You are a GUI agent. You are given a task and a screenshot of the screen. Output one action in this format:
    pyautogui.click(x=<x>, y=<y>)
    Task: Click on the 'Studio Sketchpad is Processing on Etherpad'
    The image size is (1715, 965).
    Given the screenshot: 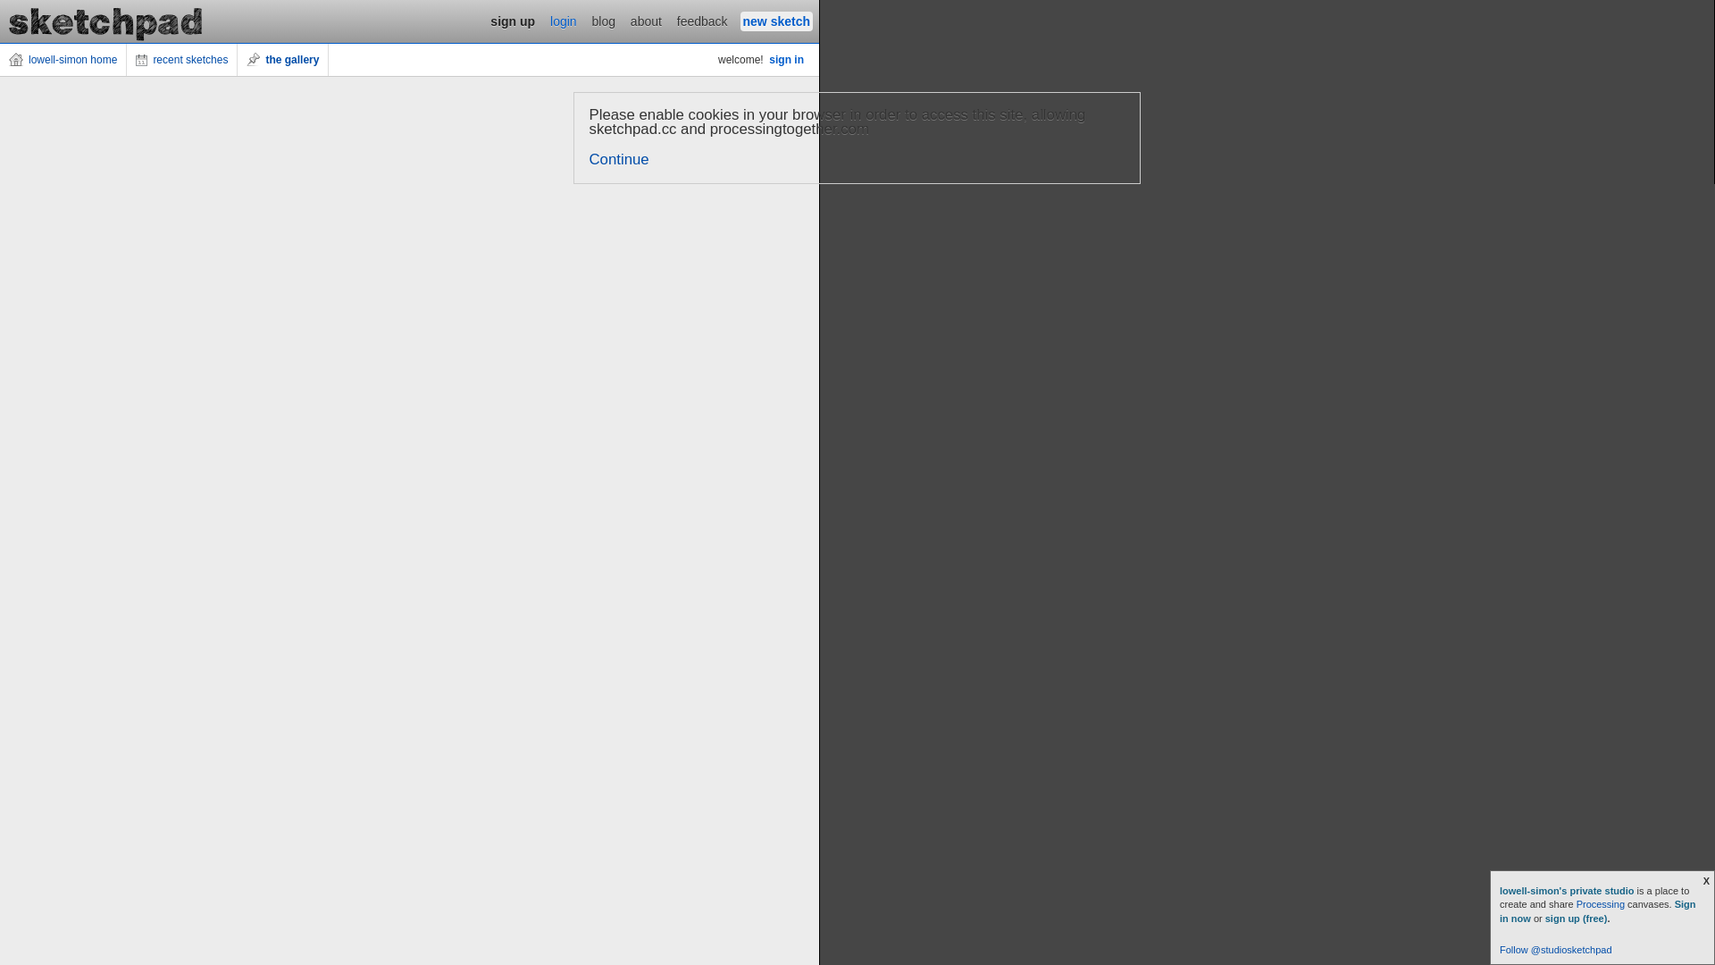 What is the action you would take?
    pyautogui.click(x=105, y=21)
    